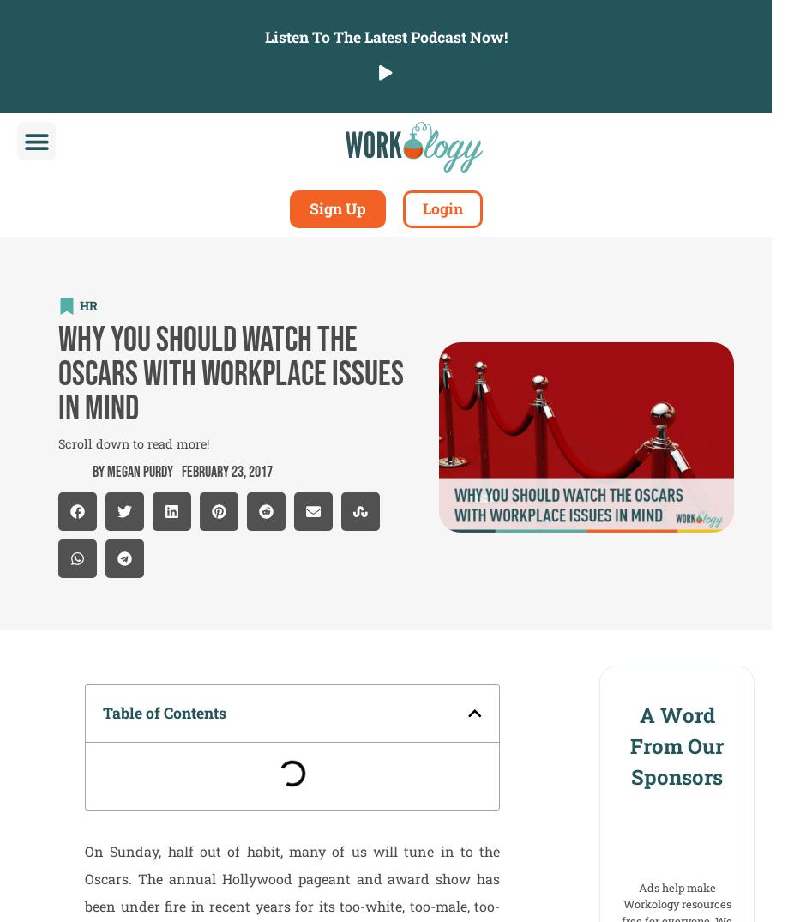 Image resolution: width=812 pixels, height=922 pixels. Describe the element at coordinates (87, 304) in the screenshot. I see `'HR'` at that location.